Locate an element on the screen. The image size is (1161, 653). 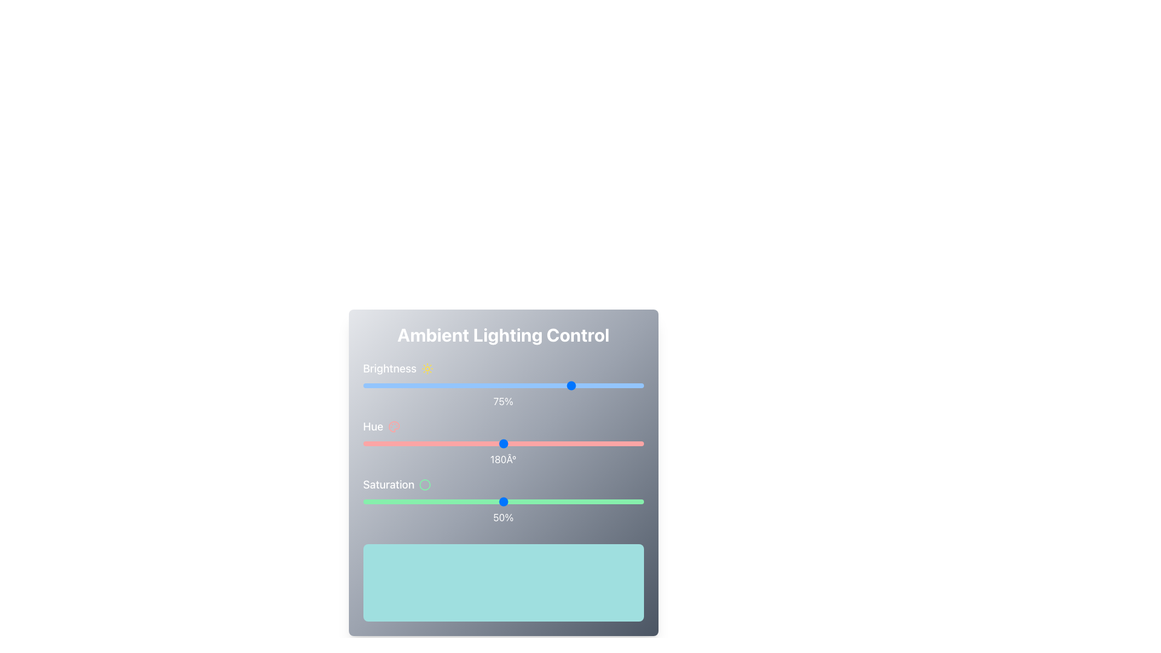
hue is located at coordinates (619, 443).